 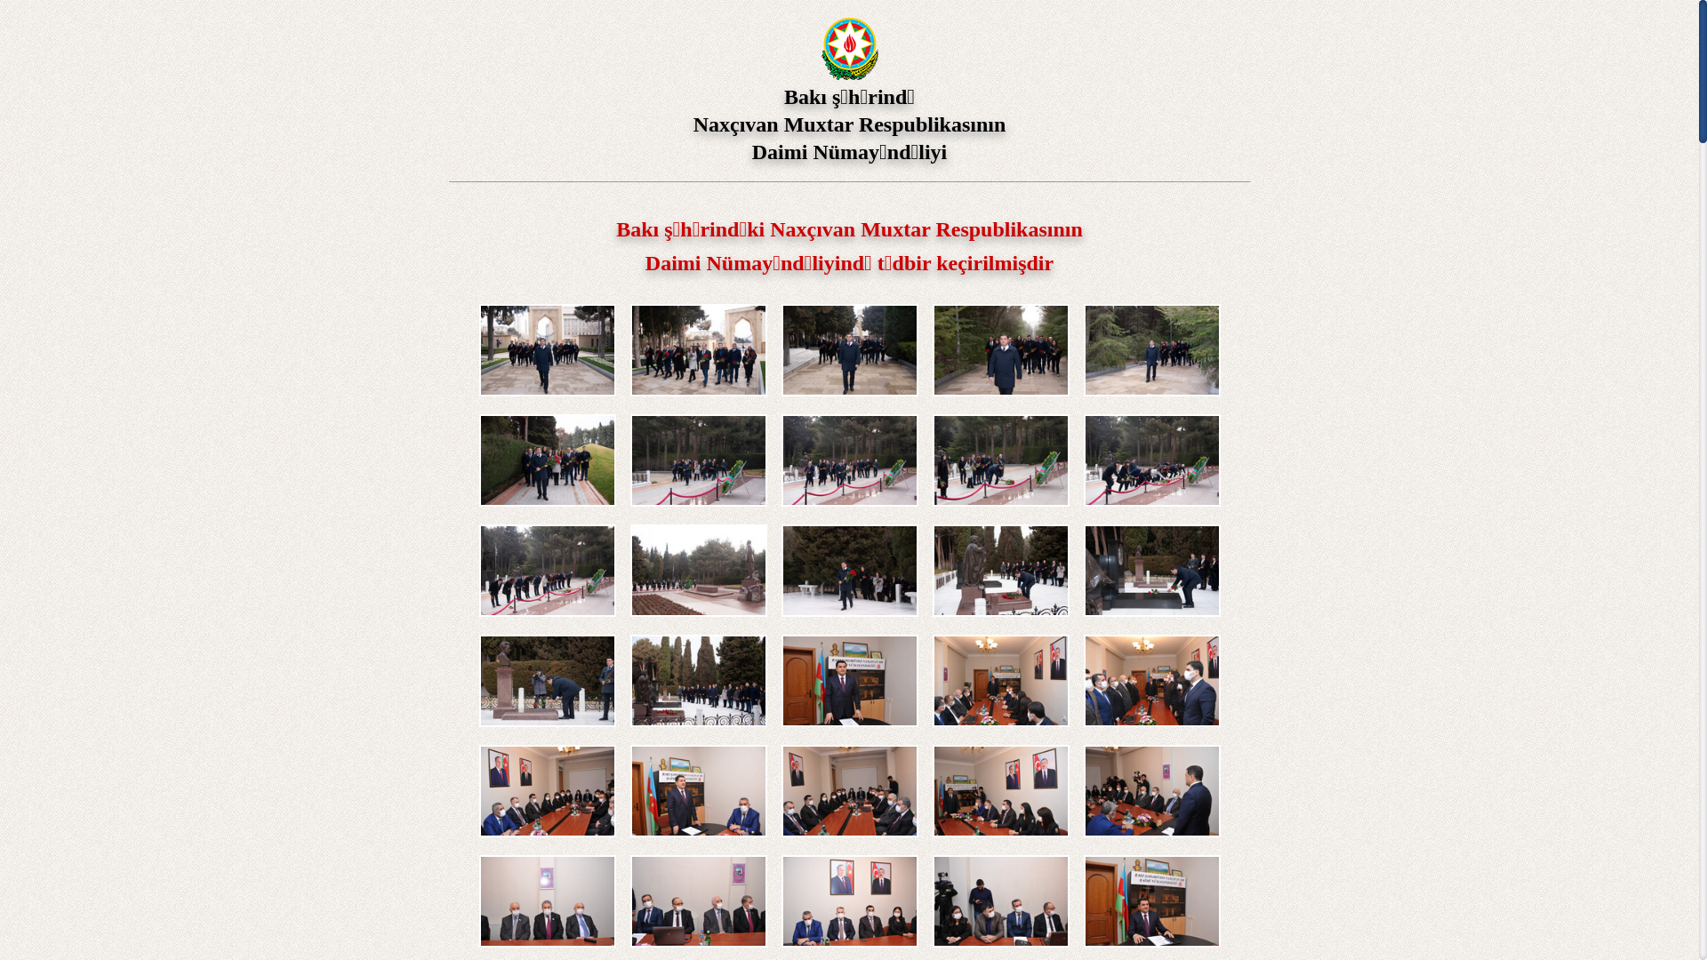 What do you see at coordinates (848, 459) in the screenshot?
I see `'Click to enlarge'` at bounding box center [848, 459].